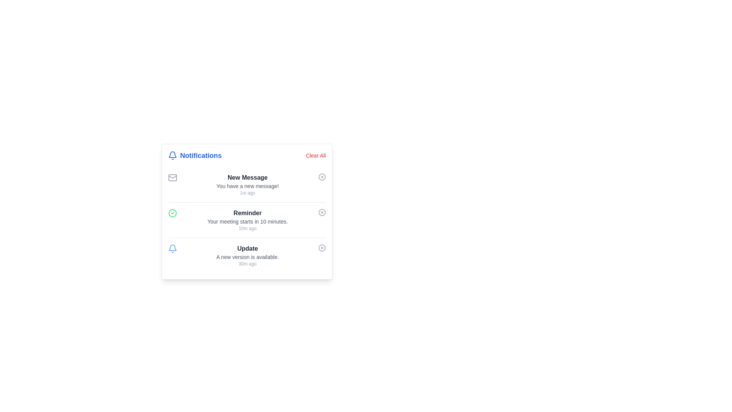 This screenshot has height=412, width=732. I want to click on the dismiss button located to the far right of the notification labeled 'Reminder', so click(322, 212).